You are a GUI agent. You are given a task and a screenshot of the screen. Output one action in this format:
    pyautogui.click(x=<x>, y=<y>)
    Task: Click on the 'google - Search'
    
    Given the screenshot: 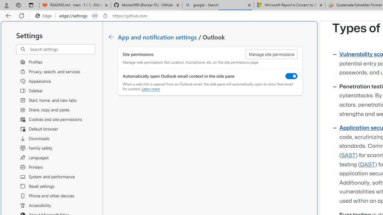 What is the action you would take?
    pyautogui.click(x=218, y=5)
    